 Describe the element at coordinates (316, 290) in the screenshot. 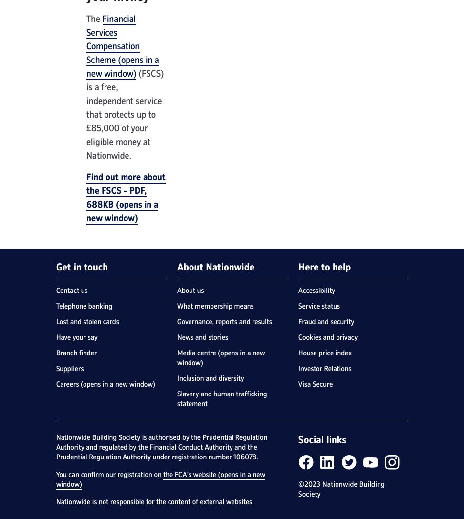

I see `'Accessibility'` at that location.